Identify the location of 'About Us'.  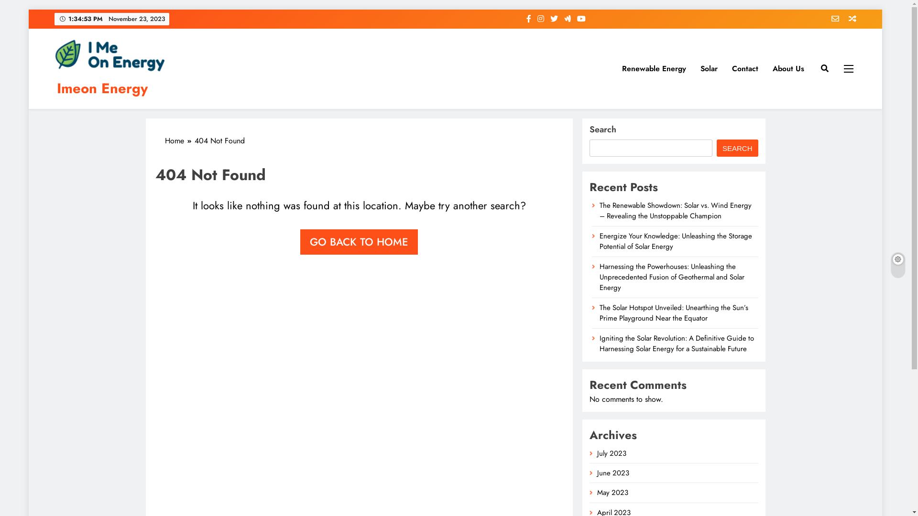
(788, 68).